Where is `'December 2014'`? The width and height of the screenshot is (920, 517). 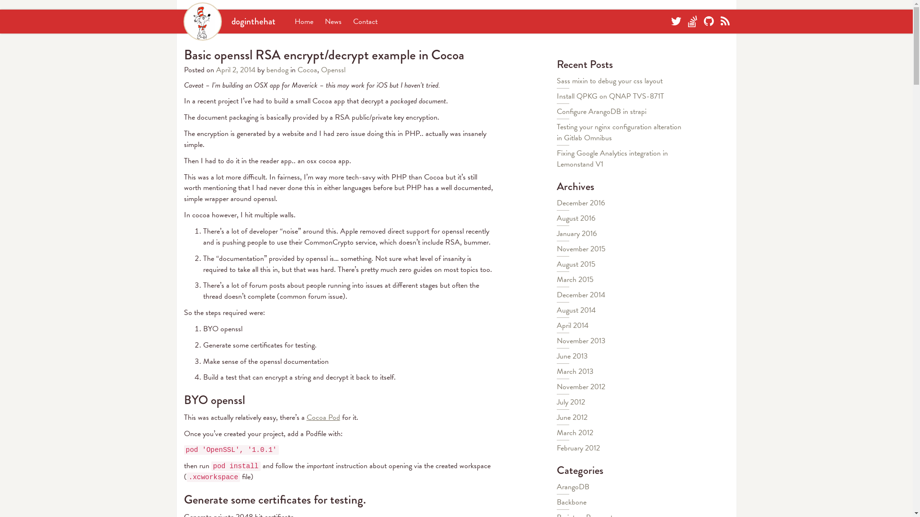 'December 2014' is located at coordinates (580, 294).